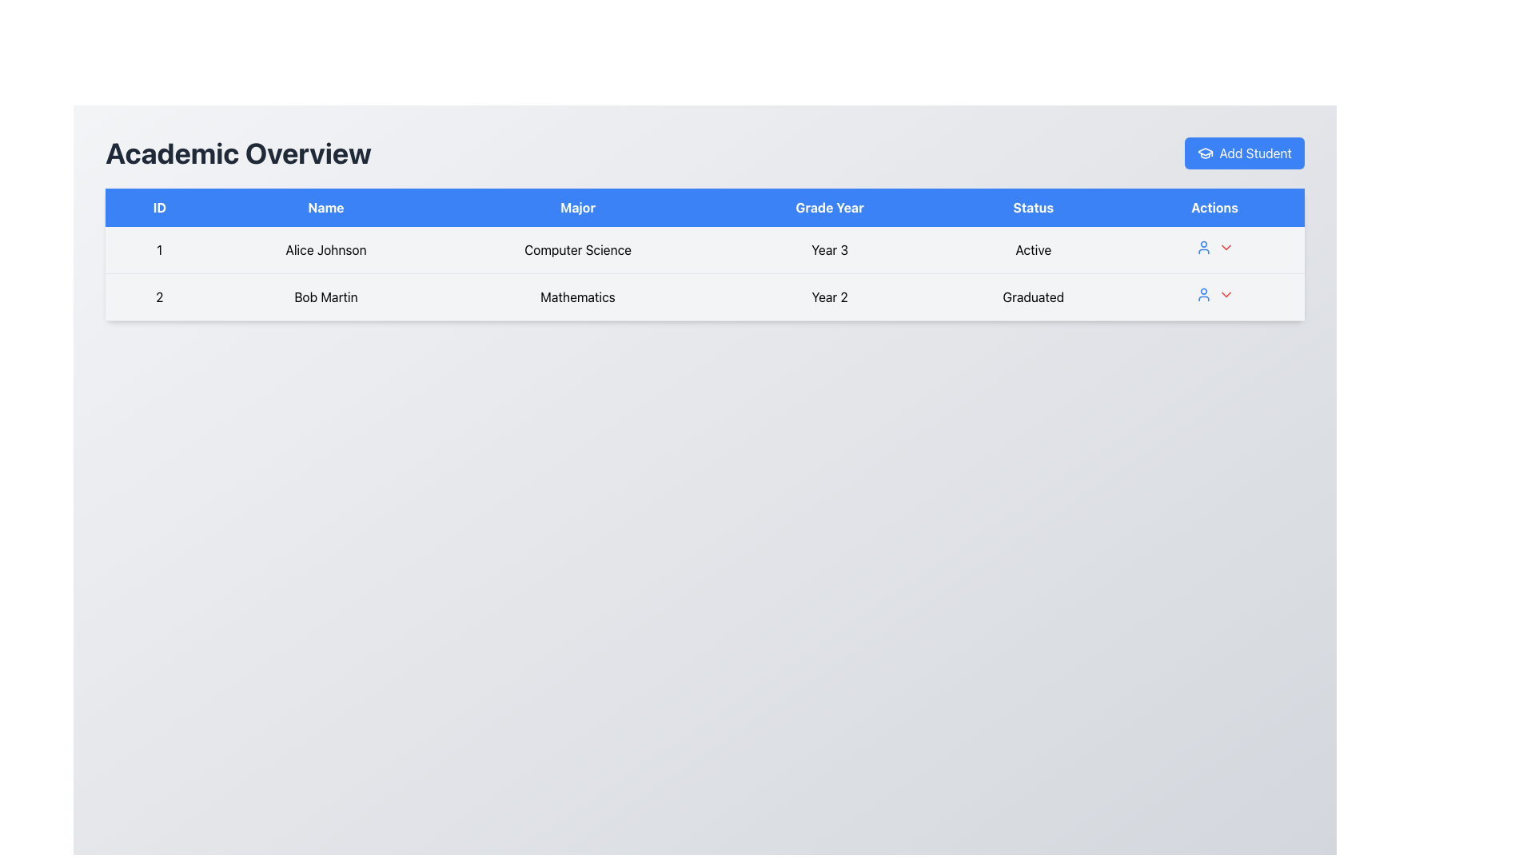  Describe the element at coordinates (325, 206) in the screenshot. I see `the Table Column Header labeled 'Name', which is the second column header in the table with a blue background and white bold text` at that location.